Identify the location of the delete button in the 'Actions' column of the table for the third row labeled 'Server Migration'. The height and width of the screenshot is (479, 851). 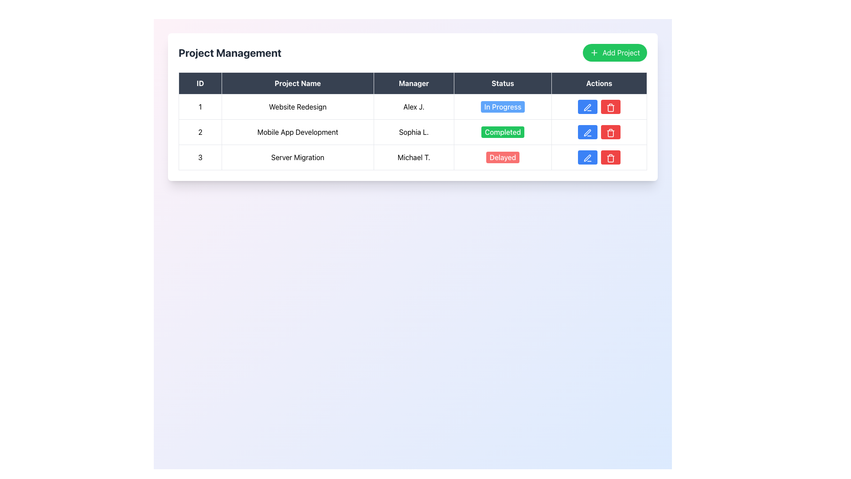
(610, 157).